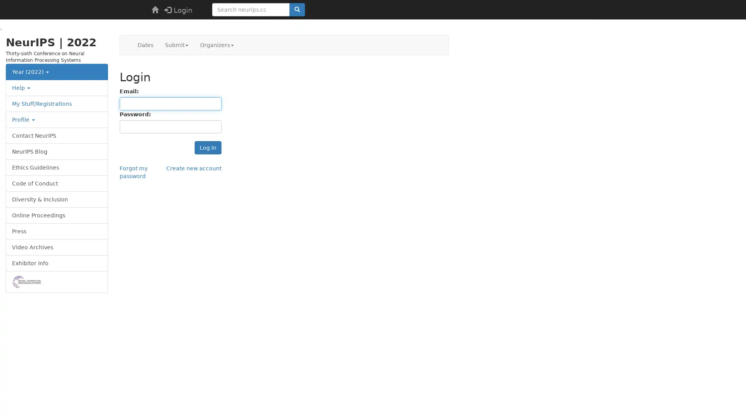 The width and height of the screenshot is (746, 420). What do you see at coordinates (208, 148) in the screenshot?
I see `Log In` at bounding box center [208, 148].